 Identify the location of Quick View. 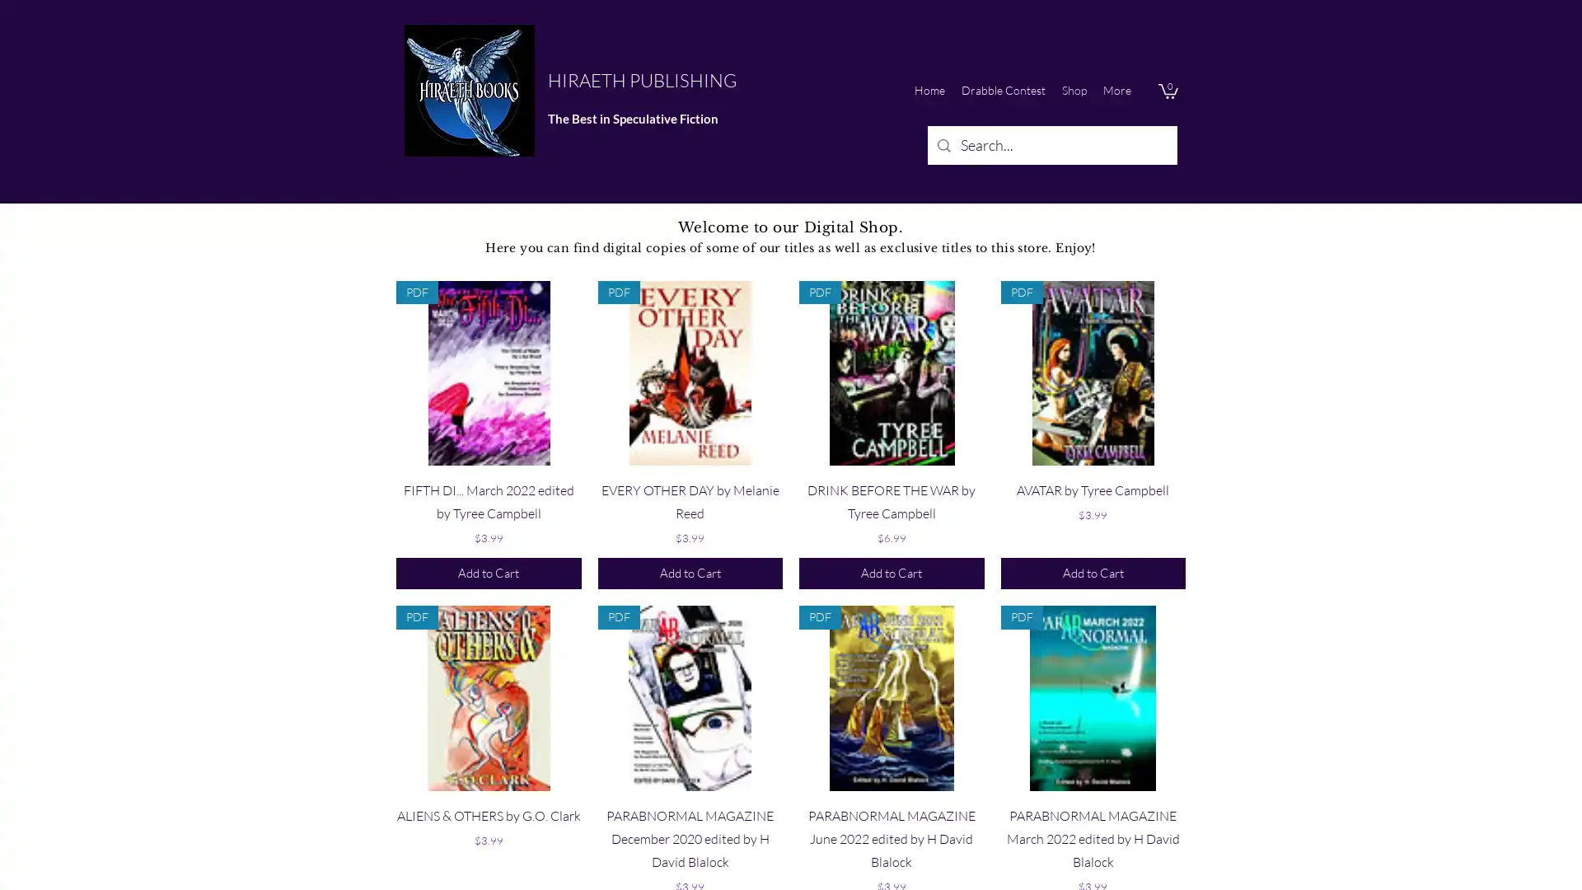
(690, 809).